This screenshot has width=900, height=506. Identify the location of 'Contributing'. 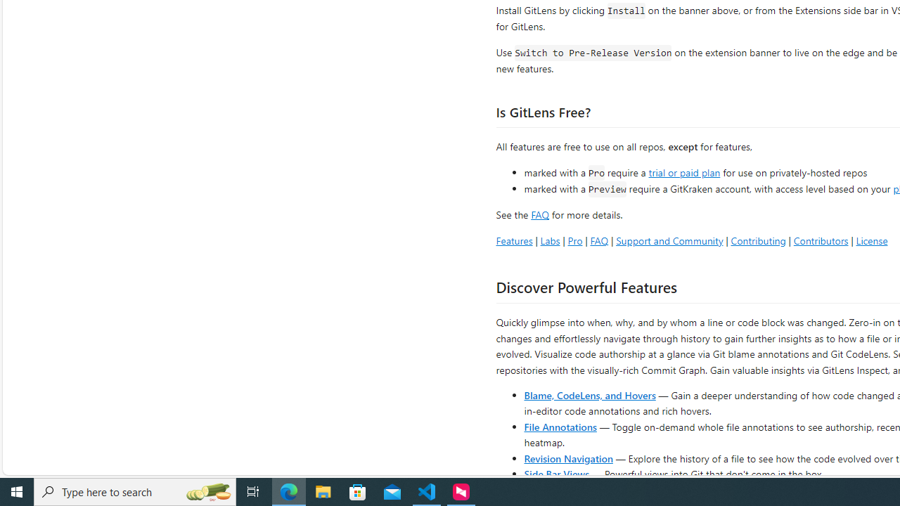
(757, 240).